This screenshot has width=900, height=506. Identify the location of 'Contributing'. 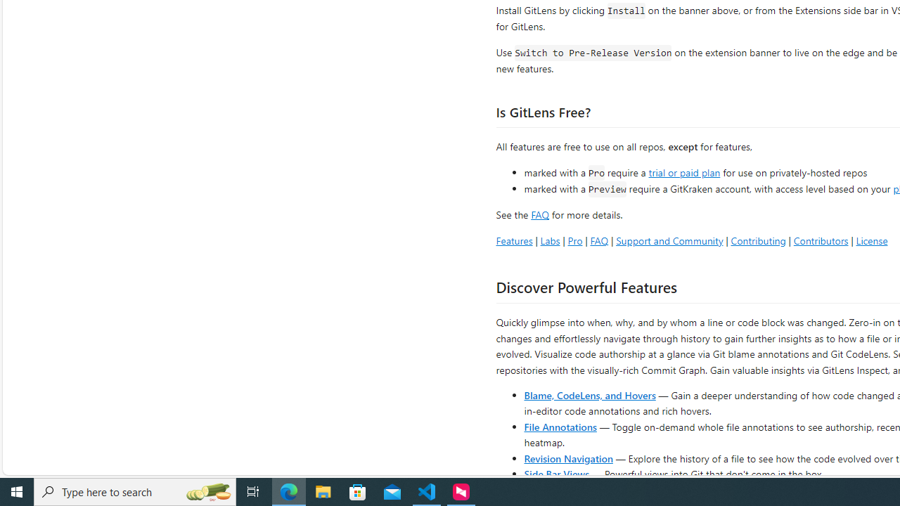
(757, 240).